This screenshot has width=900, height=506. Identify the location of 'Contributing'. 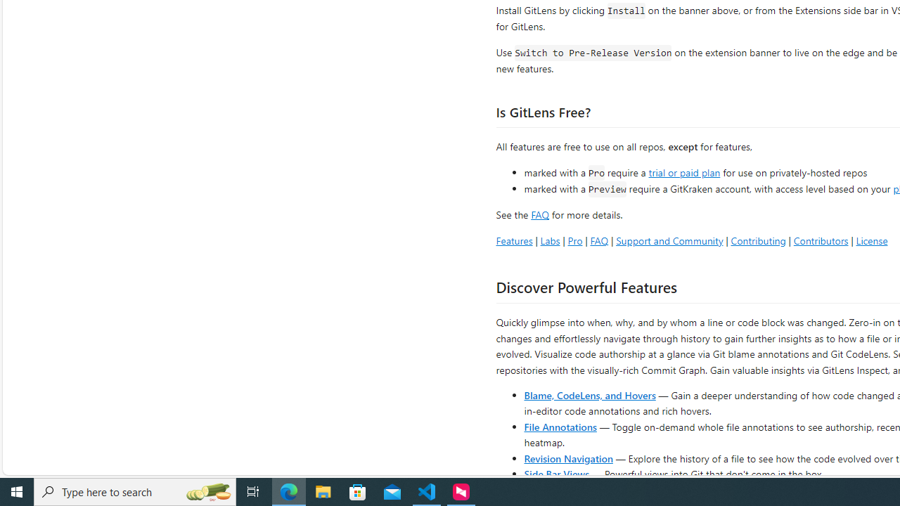
(757, 240).